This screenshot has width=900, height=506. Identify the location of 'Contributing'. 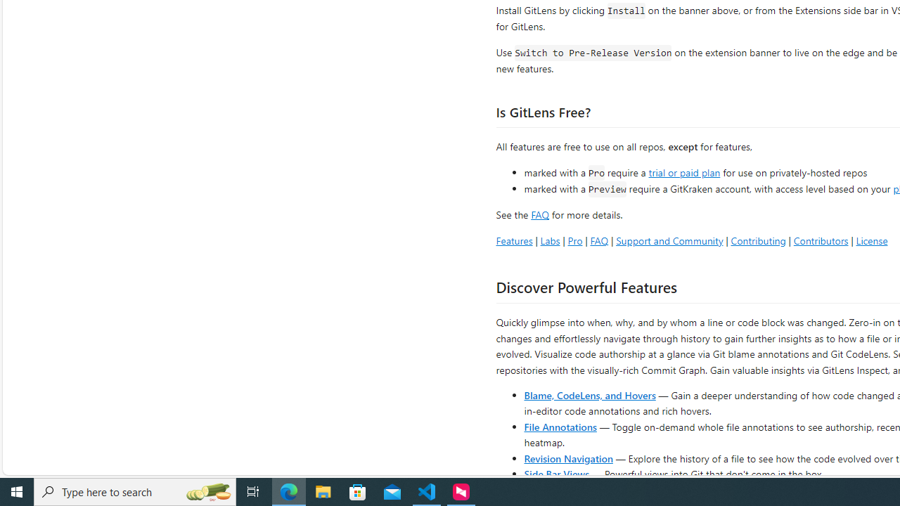
(757, 240).